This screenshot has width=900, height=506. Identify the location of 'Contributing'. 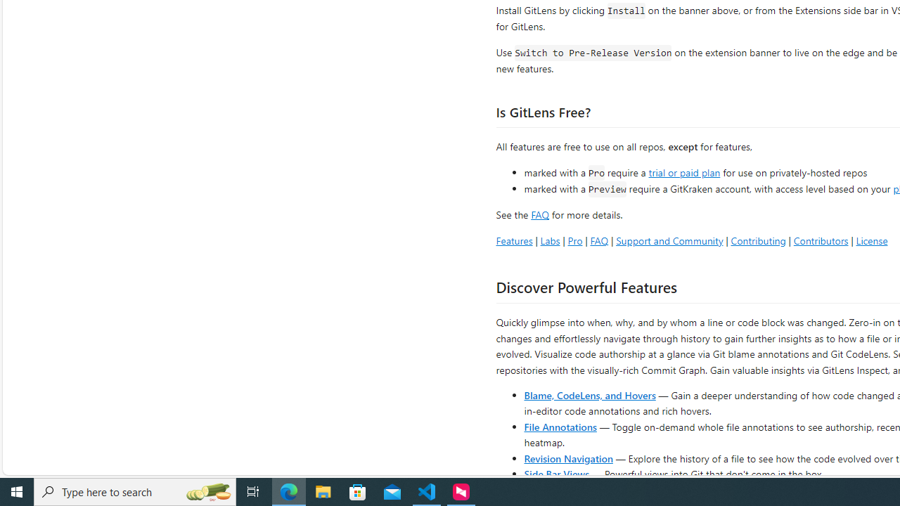
(757, 240).